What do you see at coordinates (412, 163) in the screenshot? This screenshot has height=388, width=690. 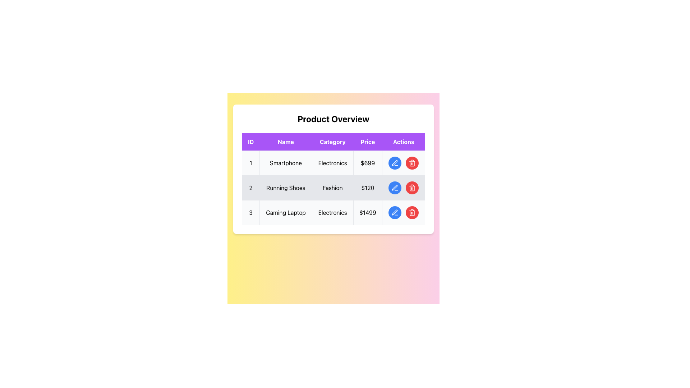 I see `the trash bin icon button in the 'Actions' column of the third row of the table` at bounding box center [412, 163].